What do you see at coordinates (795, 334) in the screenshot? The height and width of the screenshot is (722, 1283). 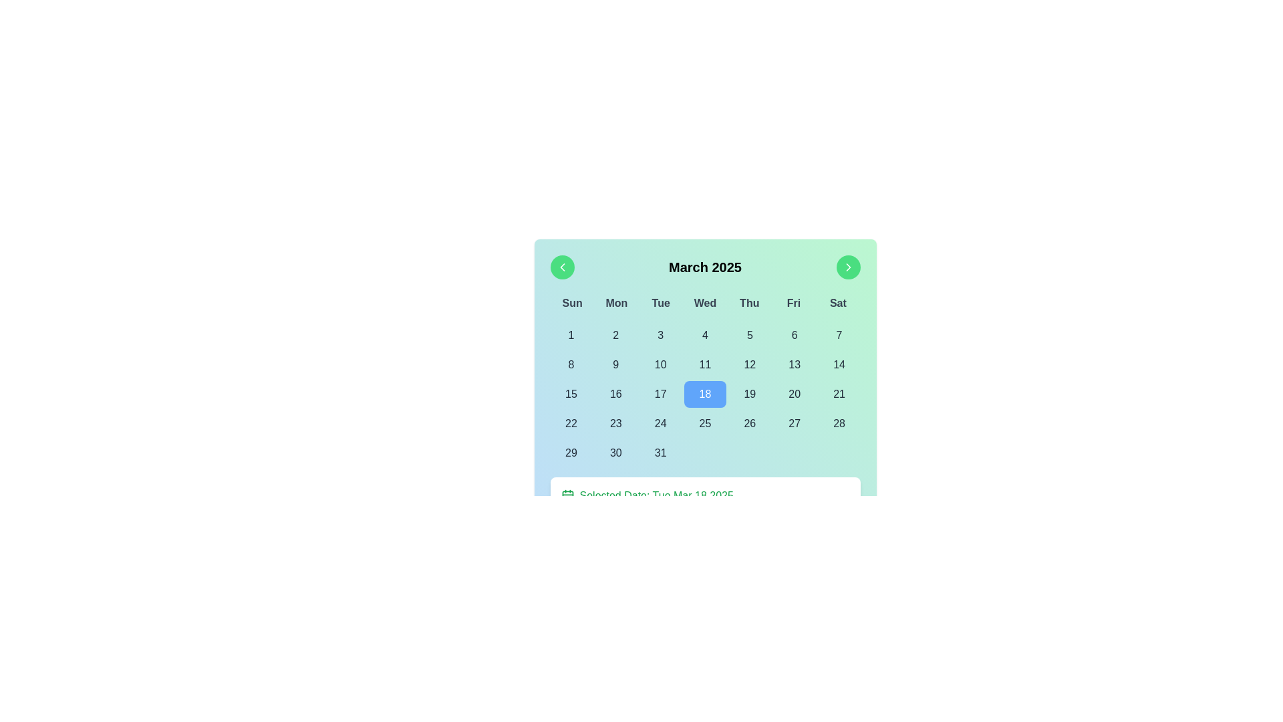 I see `the circular button with the number '6'` at bounding box center [795, 334].